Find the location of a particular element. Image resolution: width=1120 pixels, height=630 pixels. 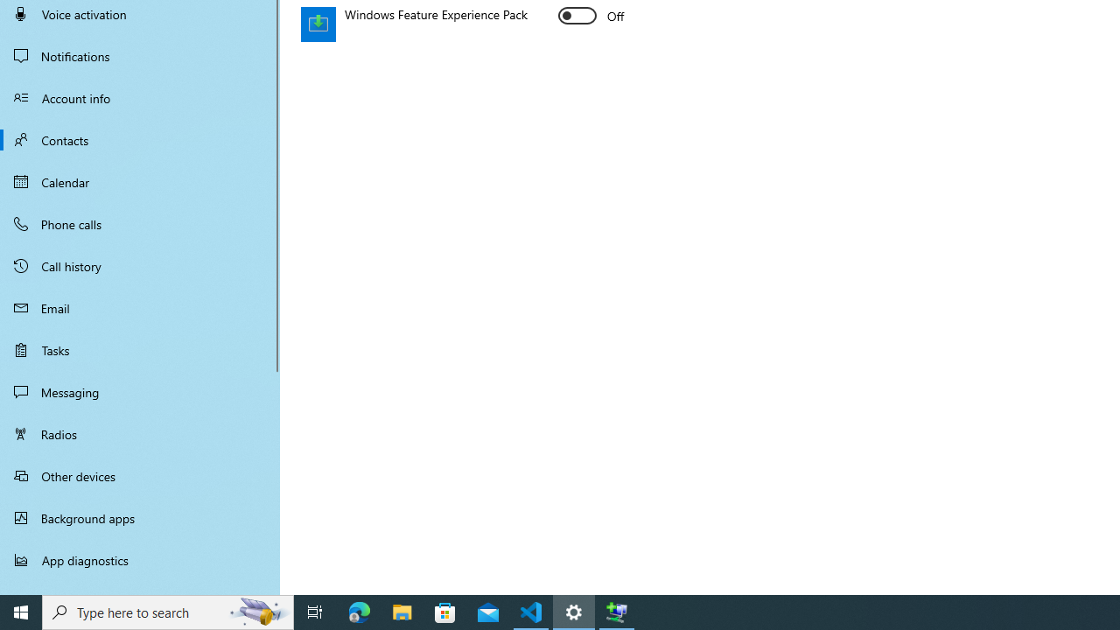

'Call history' is located at coordinates (140, 266).